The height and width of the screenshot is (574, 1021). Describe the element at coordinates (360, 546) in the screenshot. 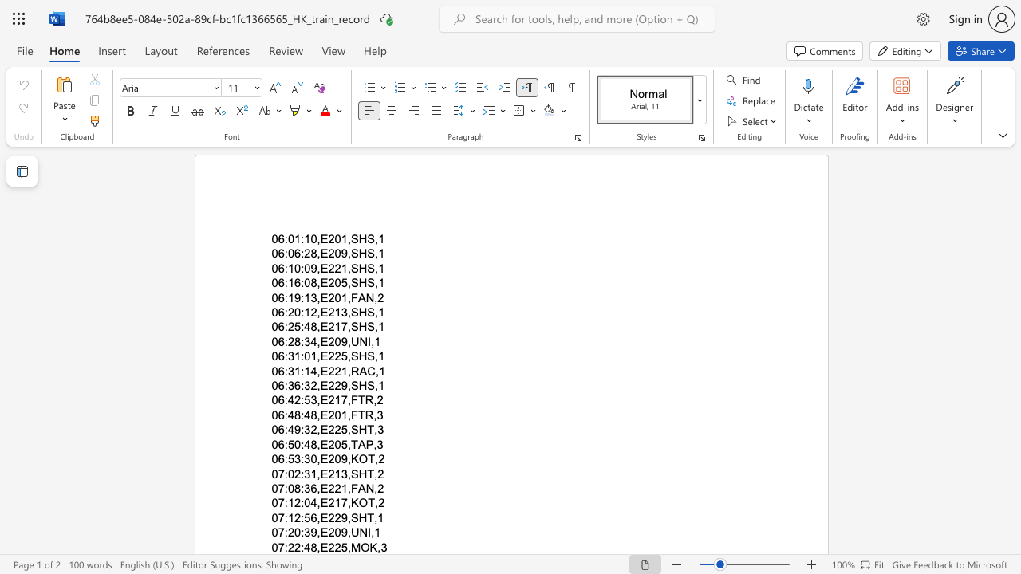

I see `the subset text "OK" within the text "07:22:48,E225,MOK,3"` at that location.